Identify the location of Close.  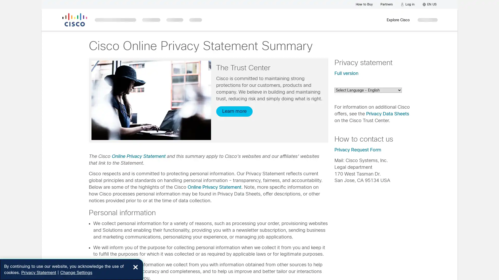
(135, 267).